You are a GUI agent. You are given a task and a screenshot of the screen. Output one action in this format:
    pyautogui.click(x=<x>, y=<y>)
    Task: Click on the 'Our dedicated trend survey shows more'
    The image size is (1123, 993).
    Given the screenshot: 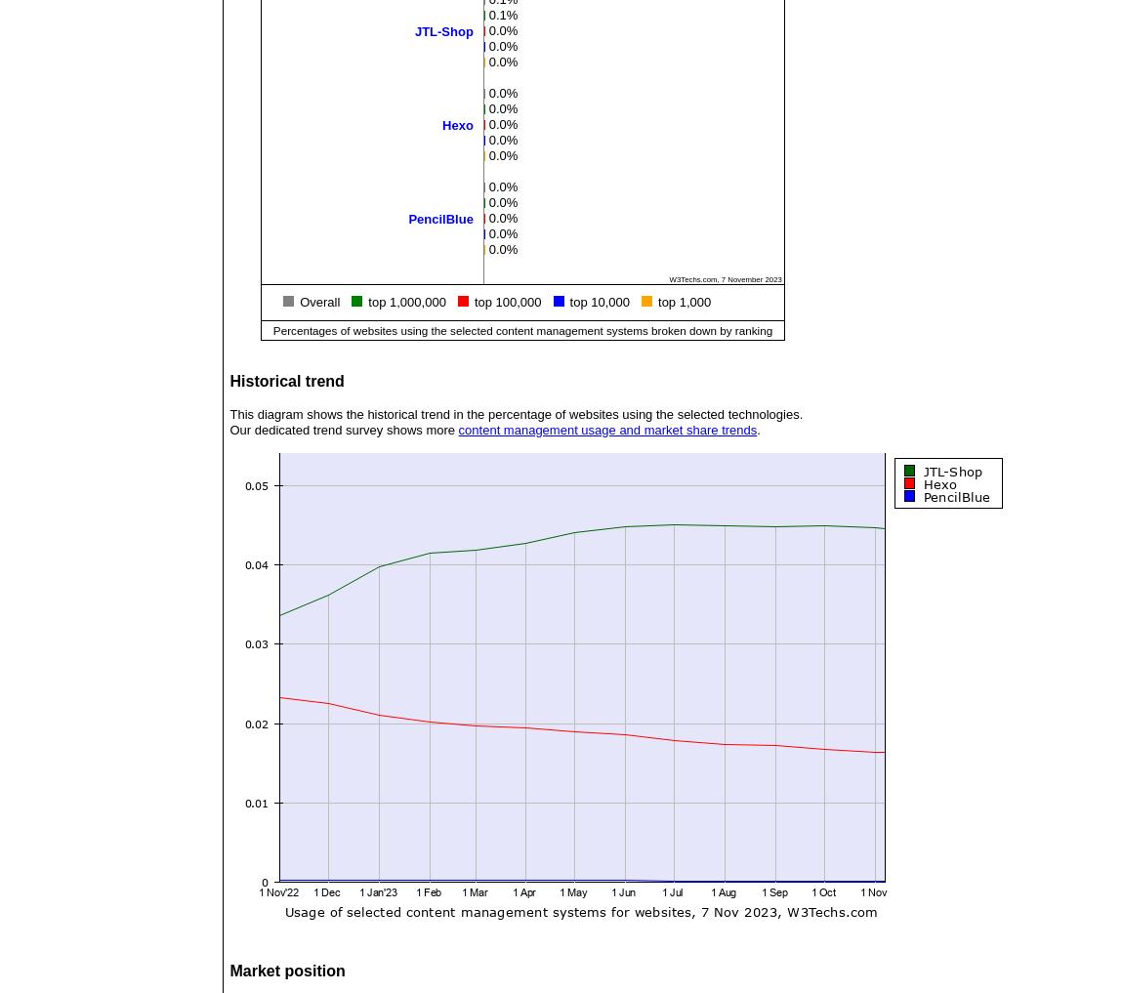 What is the action you would take?
    pyautogui.click(x=344, y=430)
    